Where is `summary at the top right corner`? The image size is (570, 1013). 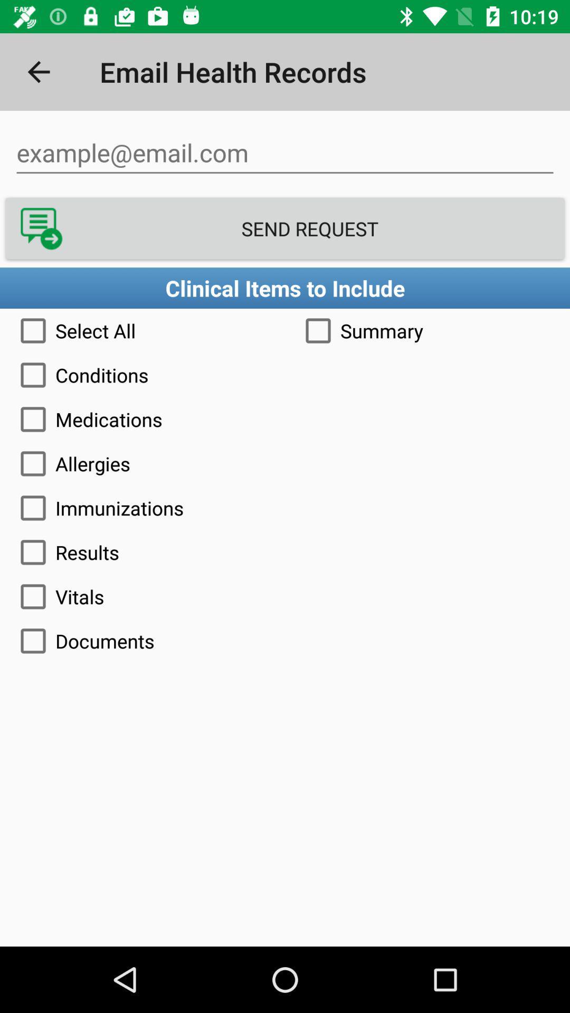
summary at the top right corner is located at coordinates (427, 330).